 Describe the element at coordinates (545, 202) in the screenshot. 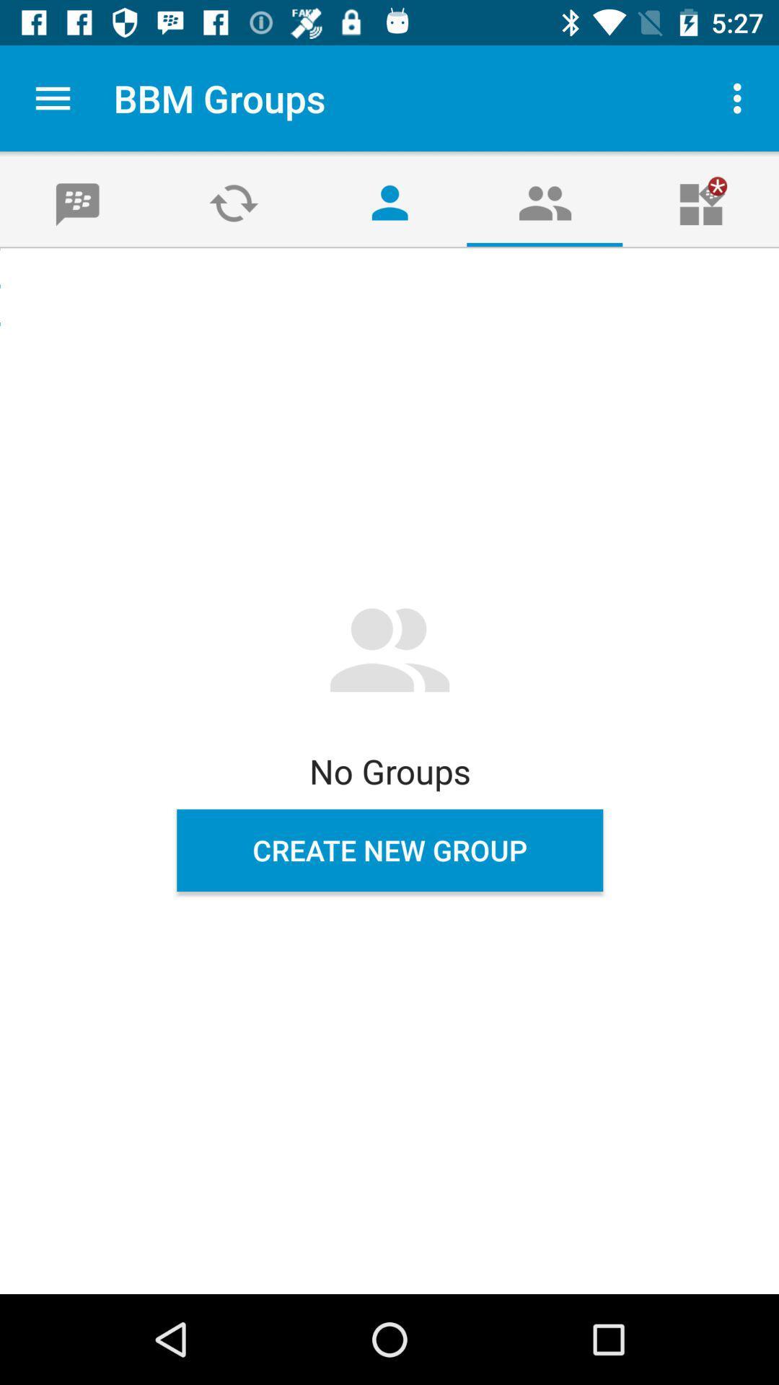

I see `the group icon` at that location.